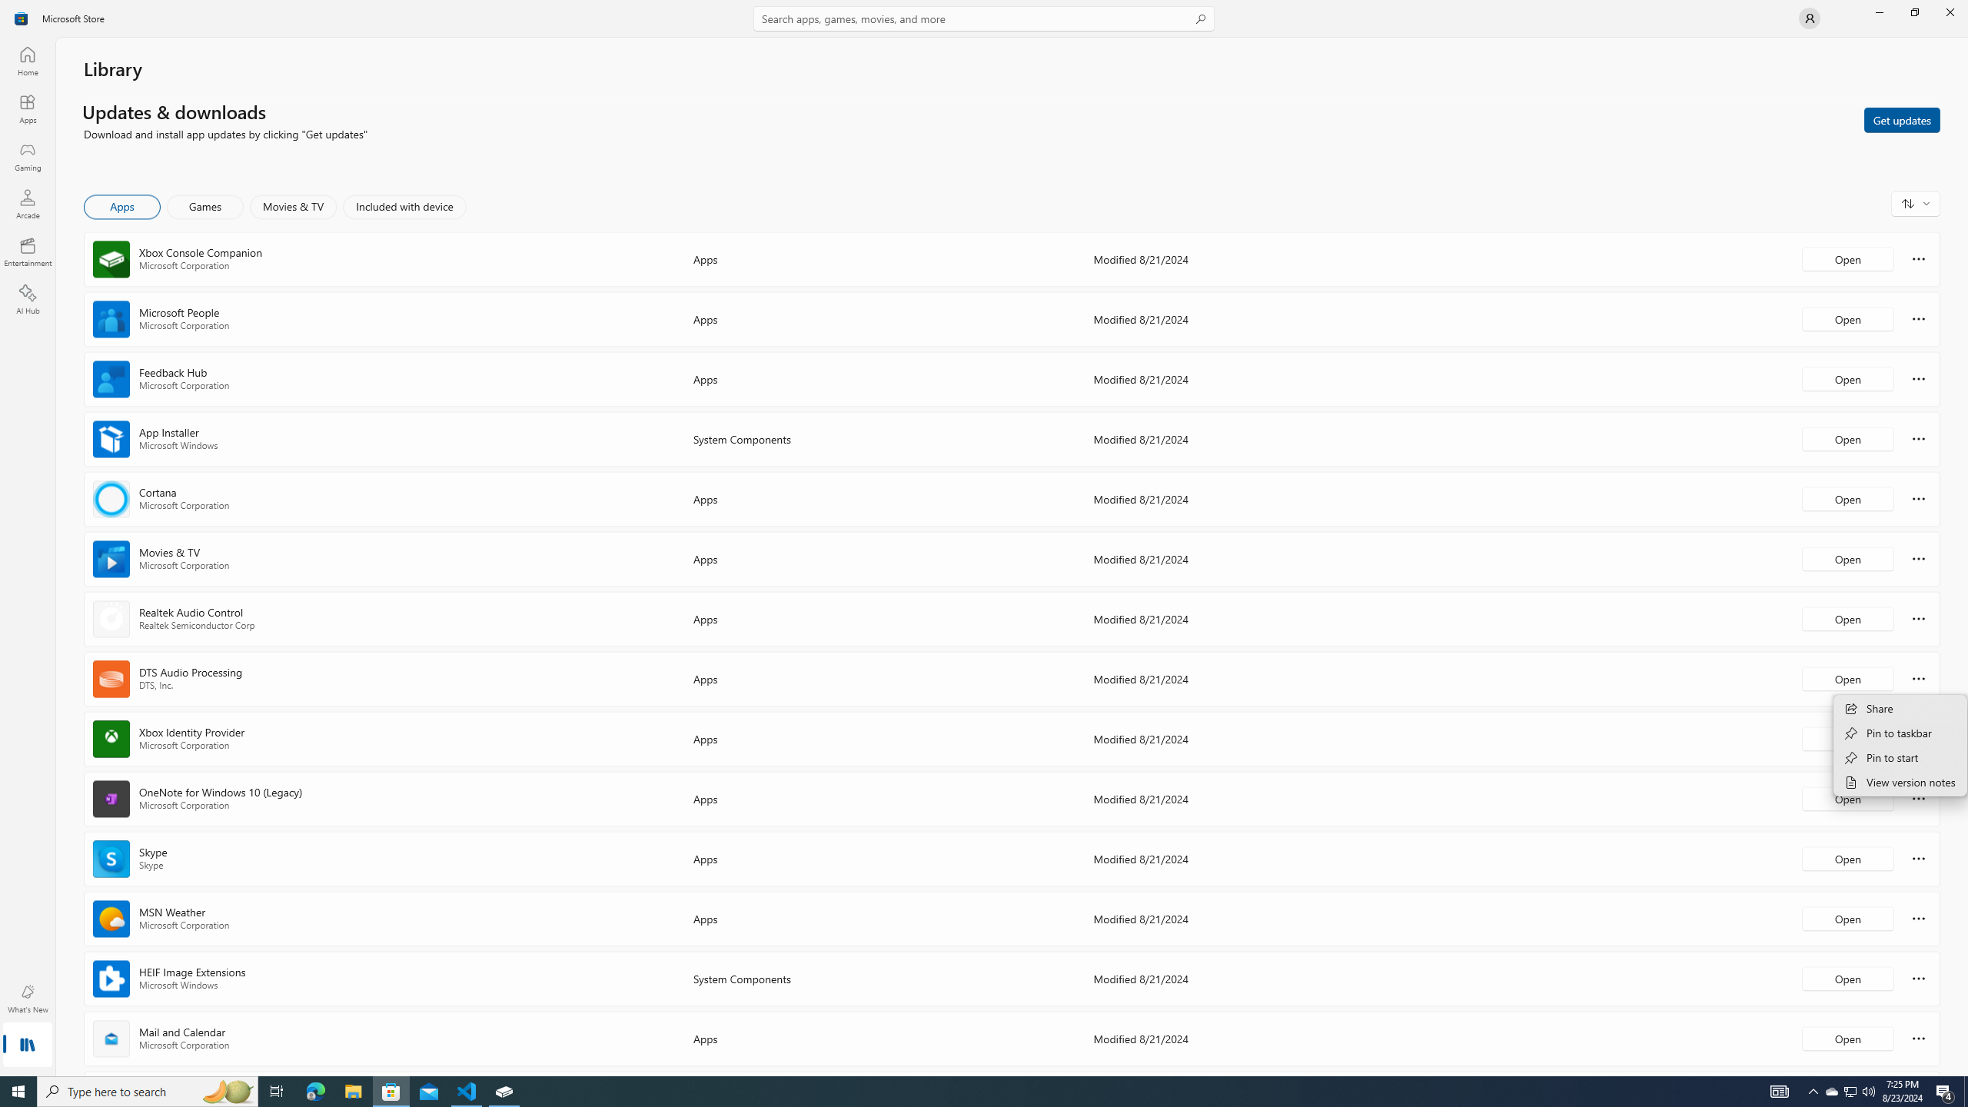  What do you see at coordinates (204, 206) in the screenshot?
I see `'Games'` at bounding box center [204, 206].